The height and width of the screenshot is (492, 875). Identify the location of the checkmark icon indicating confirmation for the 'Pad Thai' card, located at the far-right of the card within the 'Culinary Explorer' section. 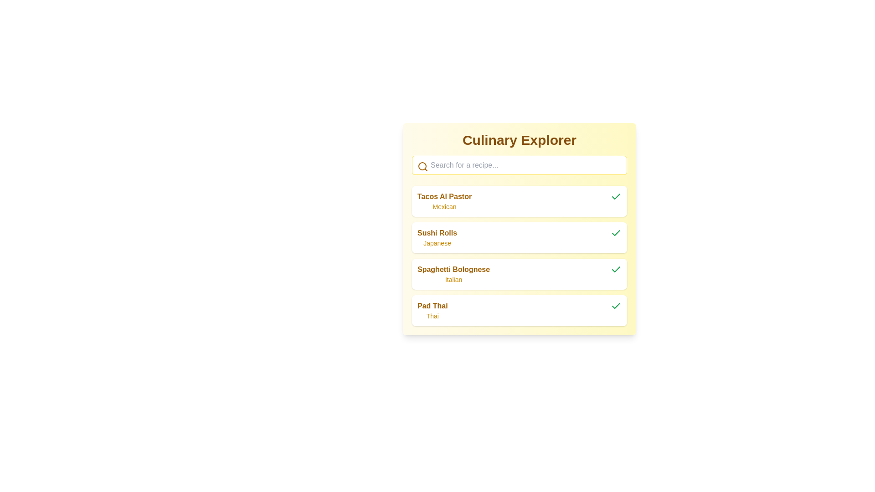
(616, 306).